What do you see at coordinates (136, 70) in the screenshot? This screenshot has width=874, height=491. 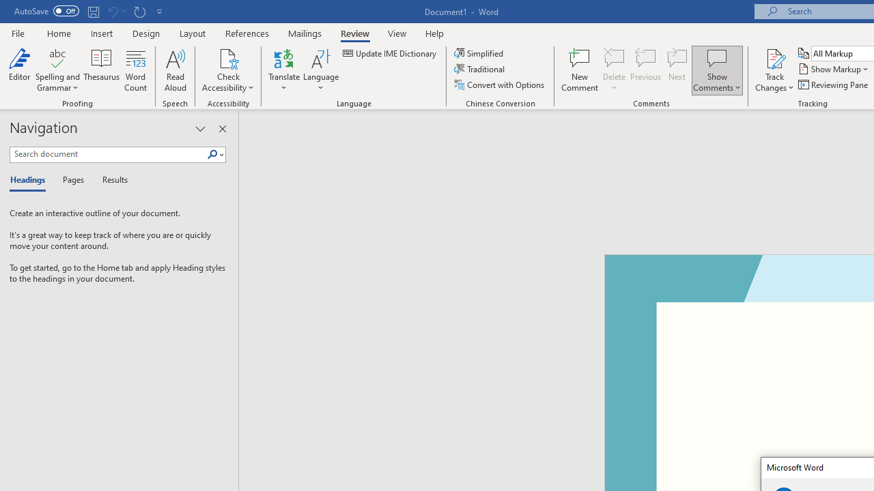 I see `'Word Count'` at bounding box center [136, 70].